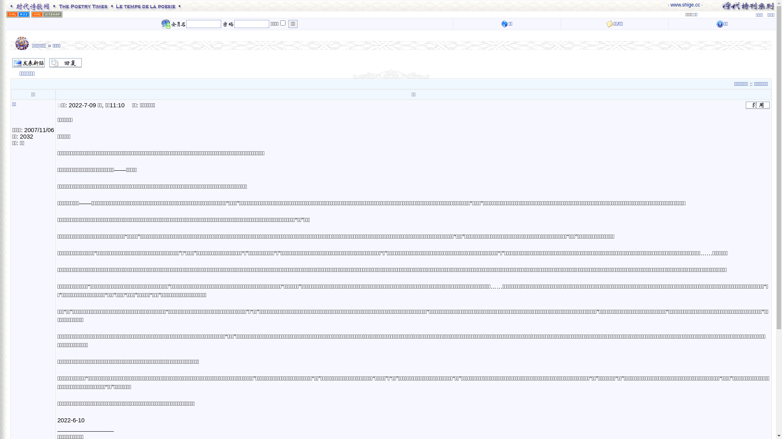 Image resolution: width=782 pixels, height=439 pixels. I want to click on 'www.shige.cc', so click(670, 4).